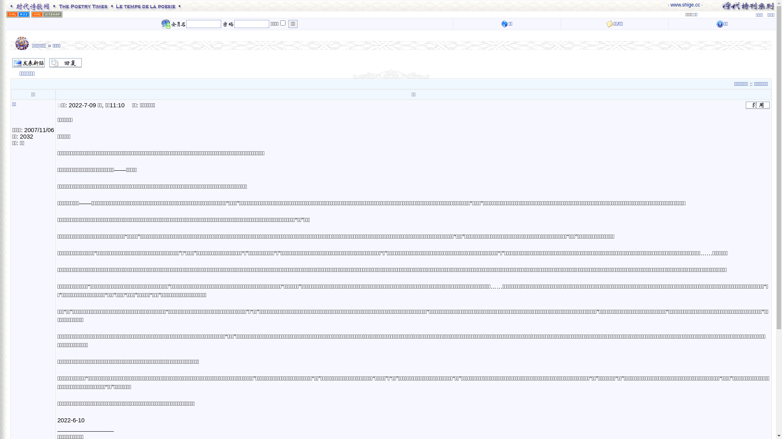 Image resolution: width=782 pixels, height=439 pixels. I want to click on 'www.shige.cc', so click(670, 4).